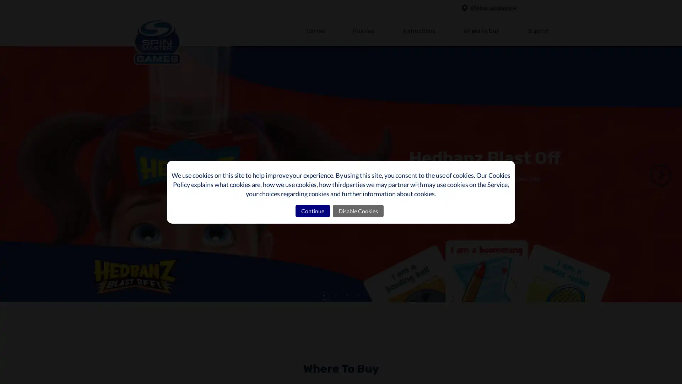  What do you see at coordinates (436, 206) in the screenshot?
I see `LEARN MORE` at bounding box center [436, 206].